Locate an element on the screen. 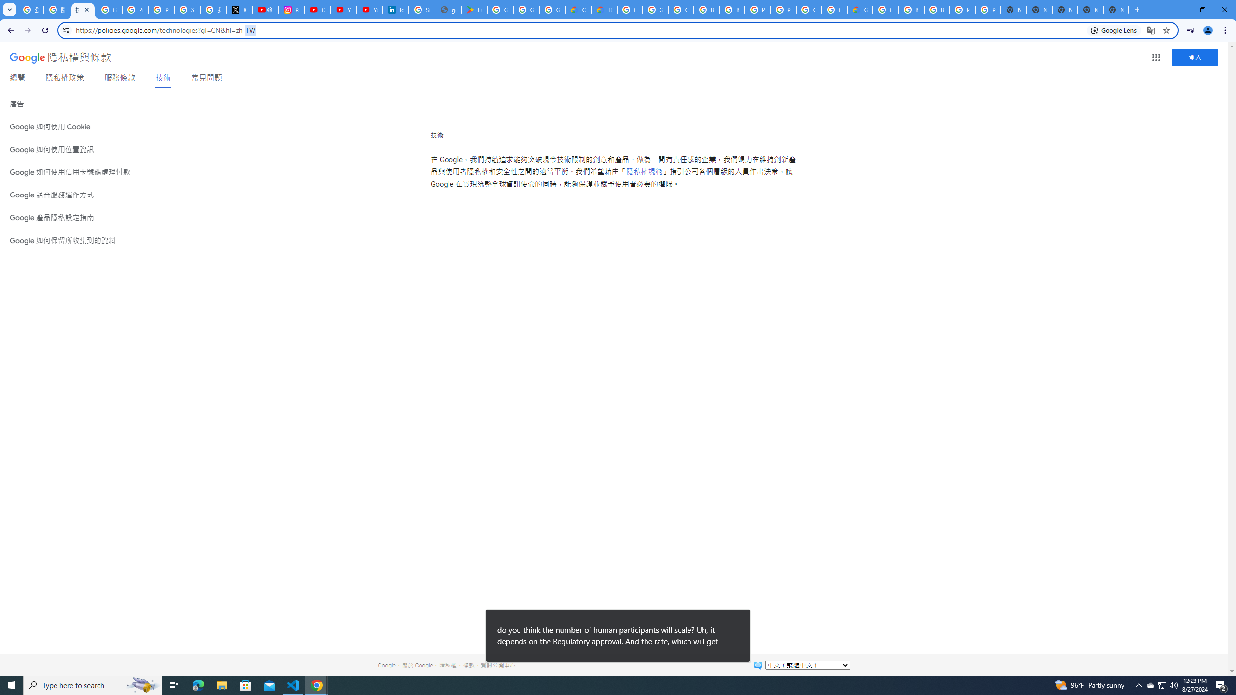  'Last Shelter: Survival - Apps on Google Play' is located at coordinates (474, 9).